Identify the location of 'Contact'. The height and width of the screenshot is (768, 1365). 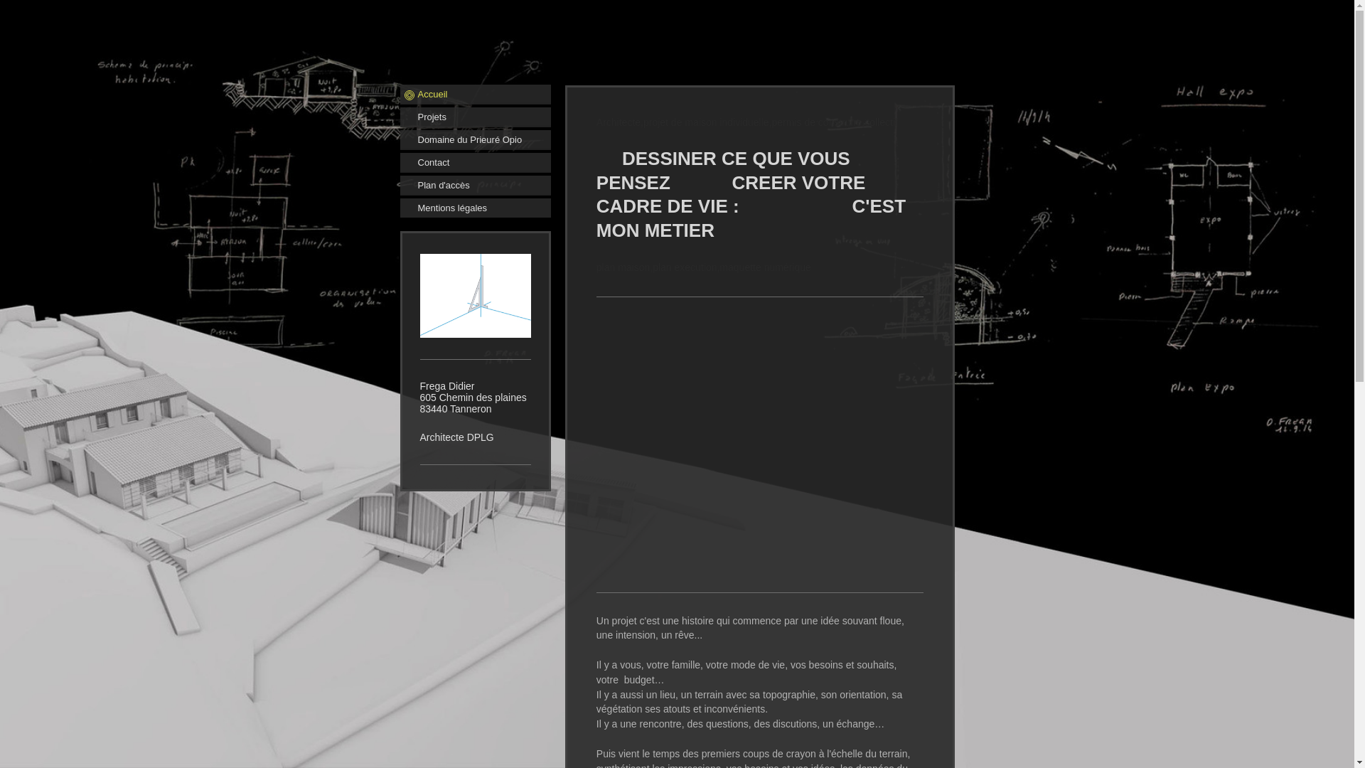
(474, 161).